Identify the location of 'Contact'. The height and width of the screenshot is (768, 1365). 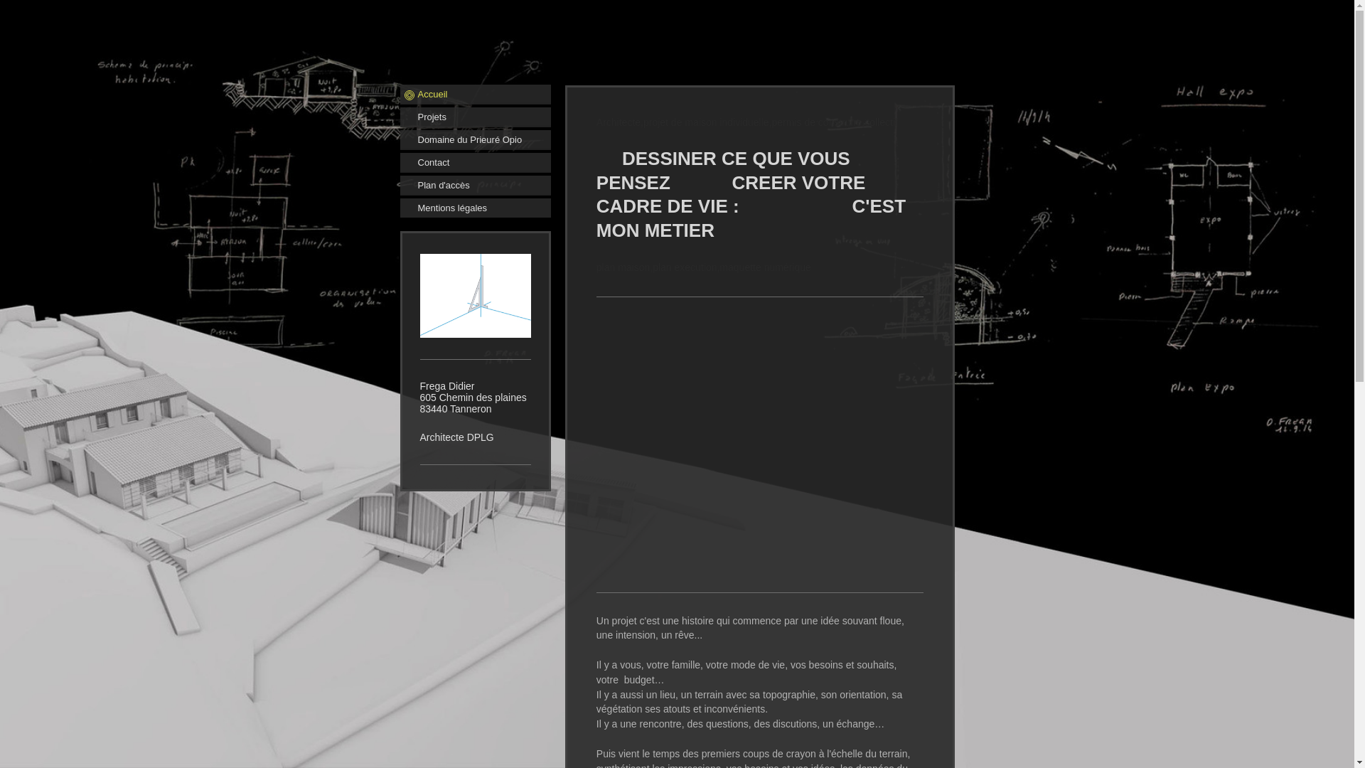
(474, 161).